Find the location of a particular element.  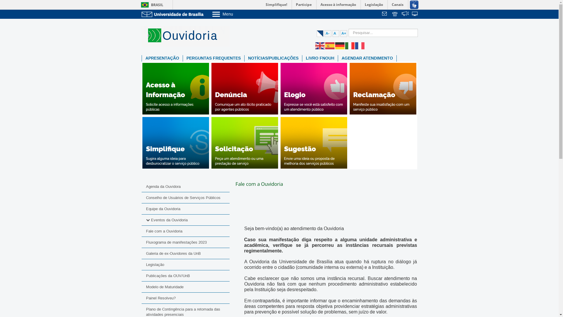

'LIVRO FNOUH' is located at coordinates (319, 58).